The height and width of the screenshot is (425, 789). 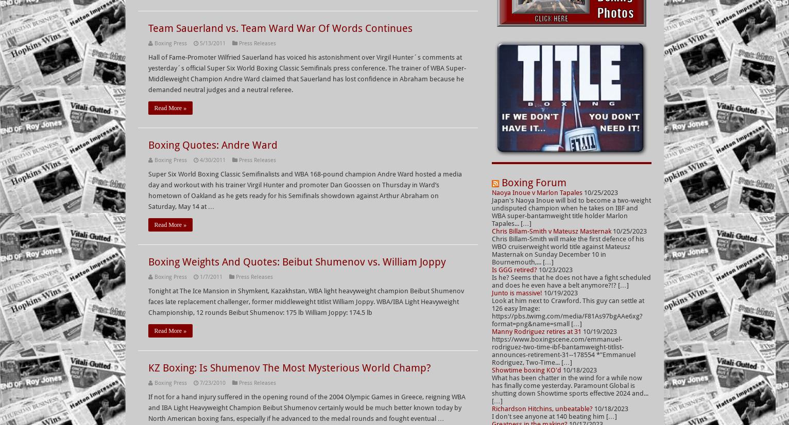 What do you see at coordinates (306, 73) in the screenshot?
I see `'Hall of Fame-Promoter Wilfried Sauerland has voiced his astonishment over Virgil Hunter´s comments at yesterday´s official Super Six World Boxing Classic Semifinals press conference. The trainer of WBA Super-Middleweight Champion Andre Ward claimed that Sauerland has lost confidence in Abraham because he demanded neutral judges and a neutral referee.'` at bounding box center [306, 73].